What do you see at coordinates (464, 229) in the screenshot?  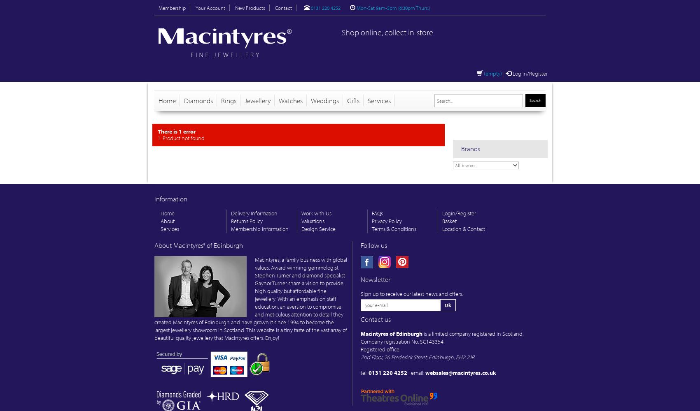 I see `'Location & Contact'` at bounding box center [464, 229].